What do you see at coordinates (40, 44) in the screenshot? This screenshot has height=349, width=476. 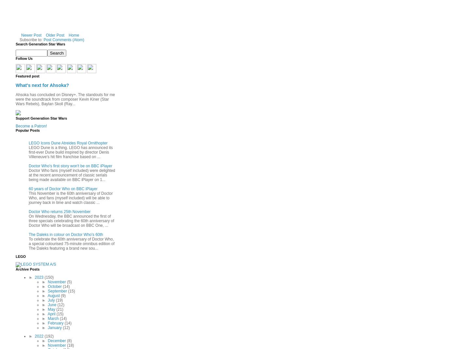 I see `'Search Generation Star Wars'` at bounding box center [40, 44].